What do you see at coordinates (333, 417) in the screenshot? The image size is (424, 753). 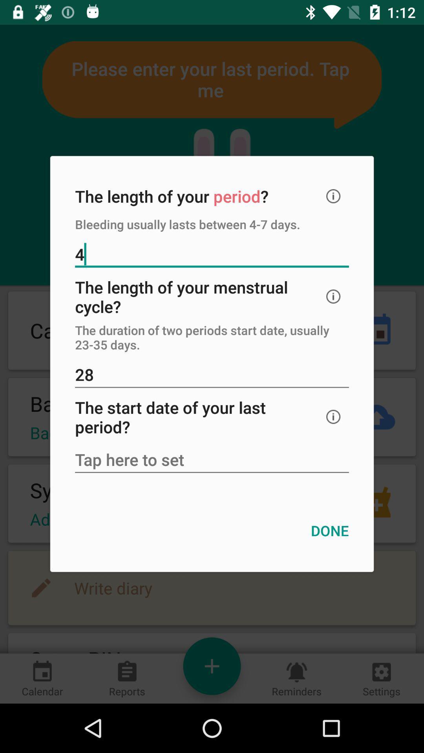 I see `click info option` at bounding box center [333, 417].